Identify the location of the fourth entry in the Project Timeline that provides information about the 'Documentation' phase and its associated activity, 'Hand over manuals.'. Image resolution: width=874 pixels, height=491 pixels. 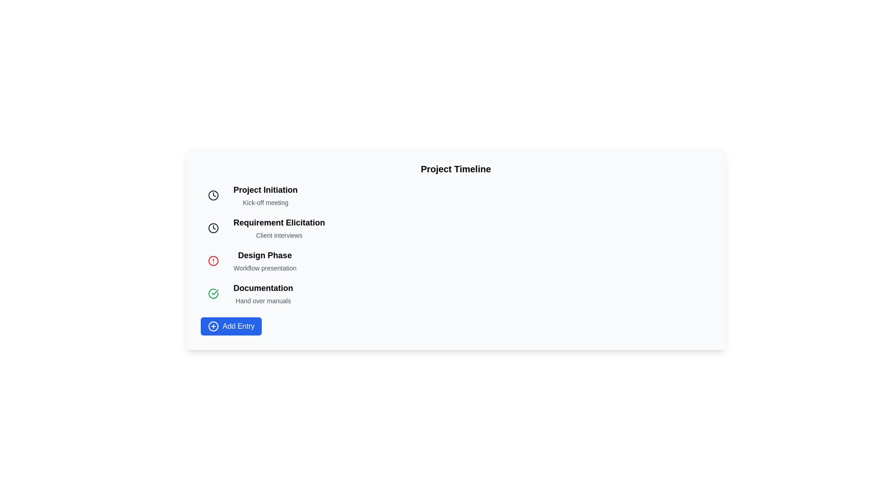
(263, 293).